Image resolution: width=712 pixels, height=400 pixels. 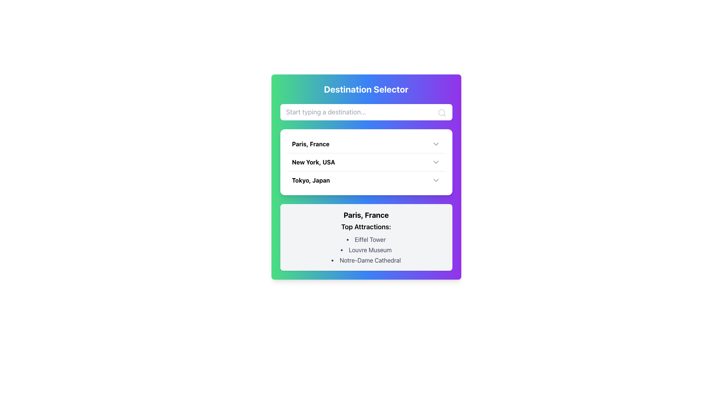 What do you see at coordinates (436, 162) in the screenshot?
I see `the dropdown indicator icon located` at bounding box center [436, 162].